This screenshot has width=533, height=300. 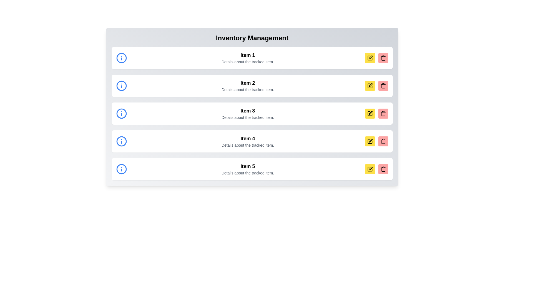 I want to click on the informational icon located on the left side of the fourth row in a vertical list, so click(x=121, y=141).